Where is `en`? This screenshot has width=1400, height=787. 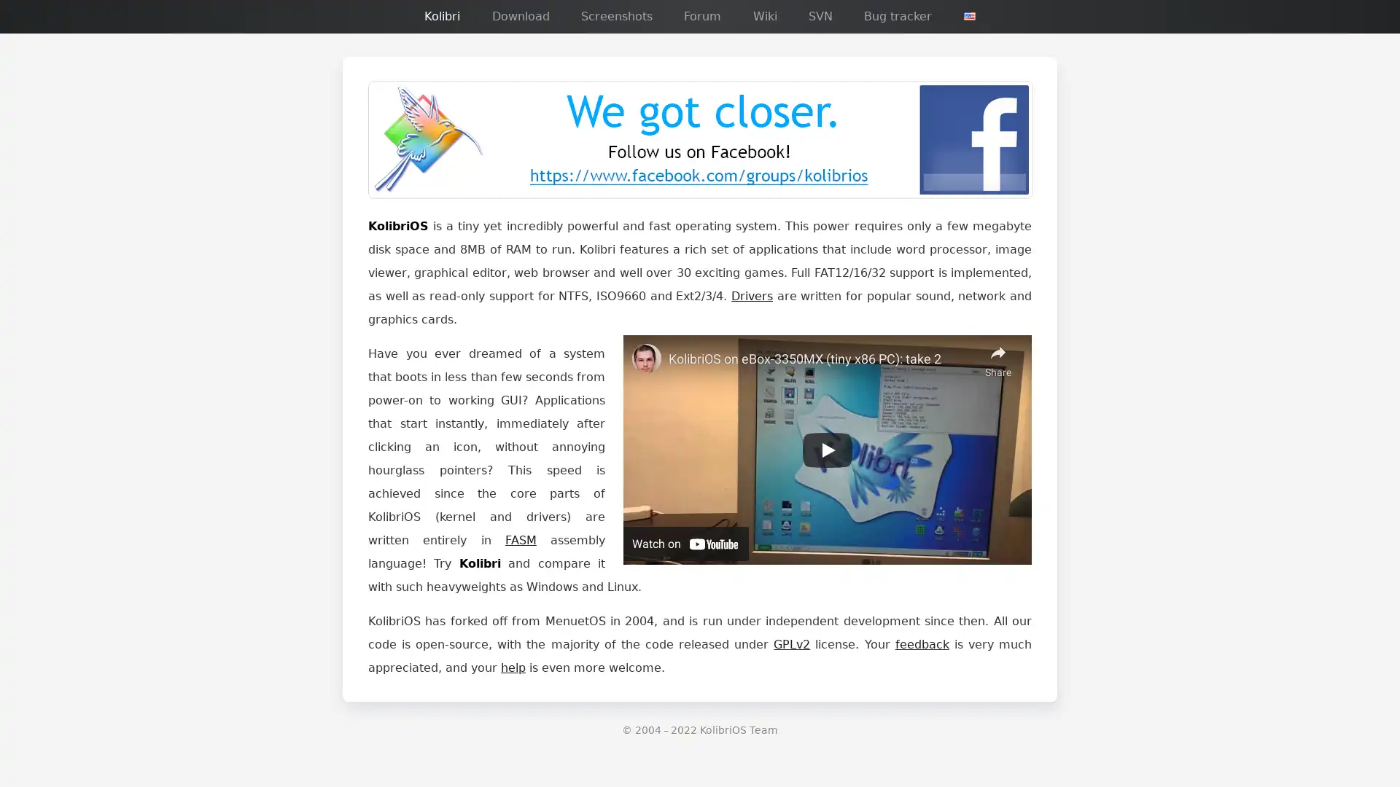 en is located at coordinates (969, 16).